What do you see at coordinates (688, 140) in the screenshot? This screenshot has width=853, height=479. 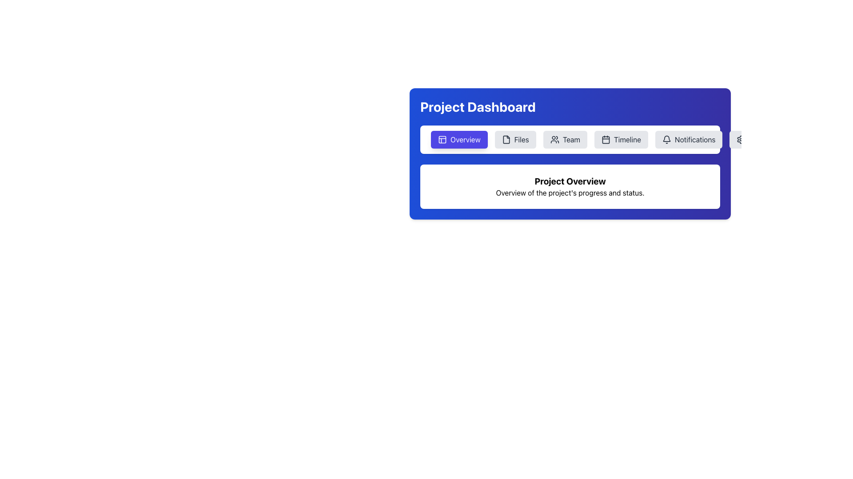 I see `the 'Notifications' button, which is a rectangular button with rounded corners, light gray background, and darker gray text, located in the navigation bar near the top of the interface` at bounding box center [688, 140].